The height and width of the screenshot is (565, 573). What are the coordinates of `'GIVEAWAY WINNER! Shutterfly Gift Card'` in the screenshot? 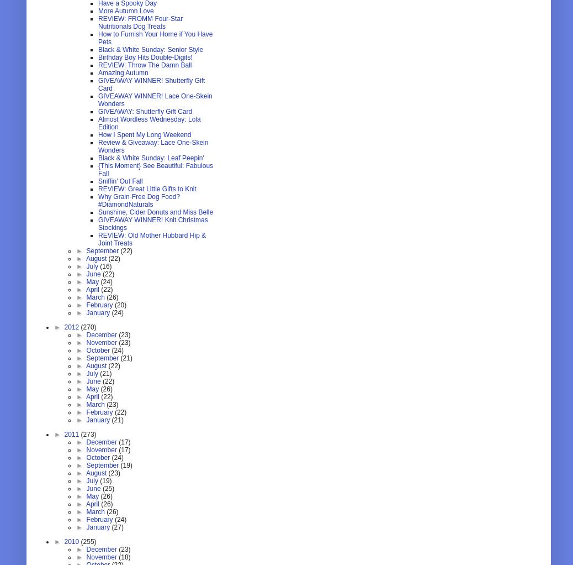 It's located at (151, 83).